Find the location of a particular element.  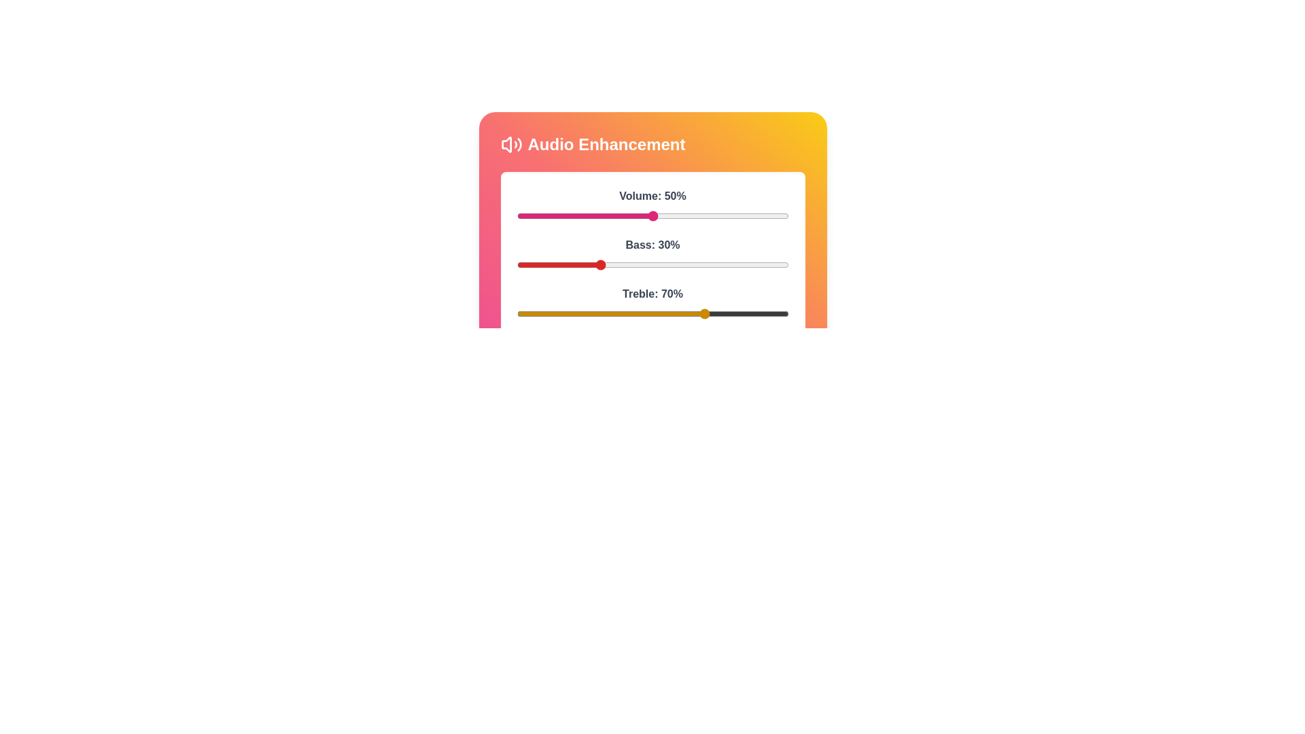

the bass level is located at coordinates (633, 264).